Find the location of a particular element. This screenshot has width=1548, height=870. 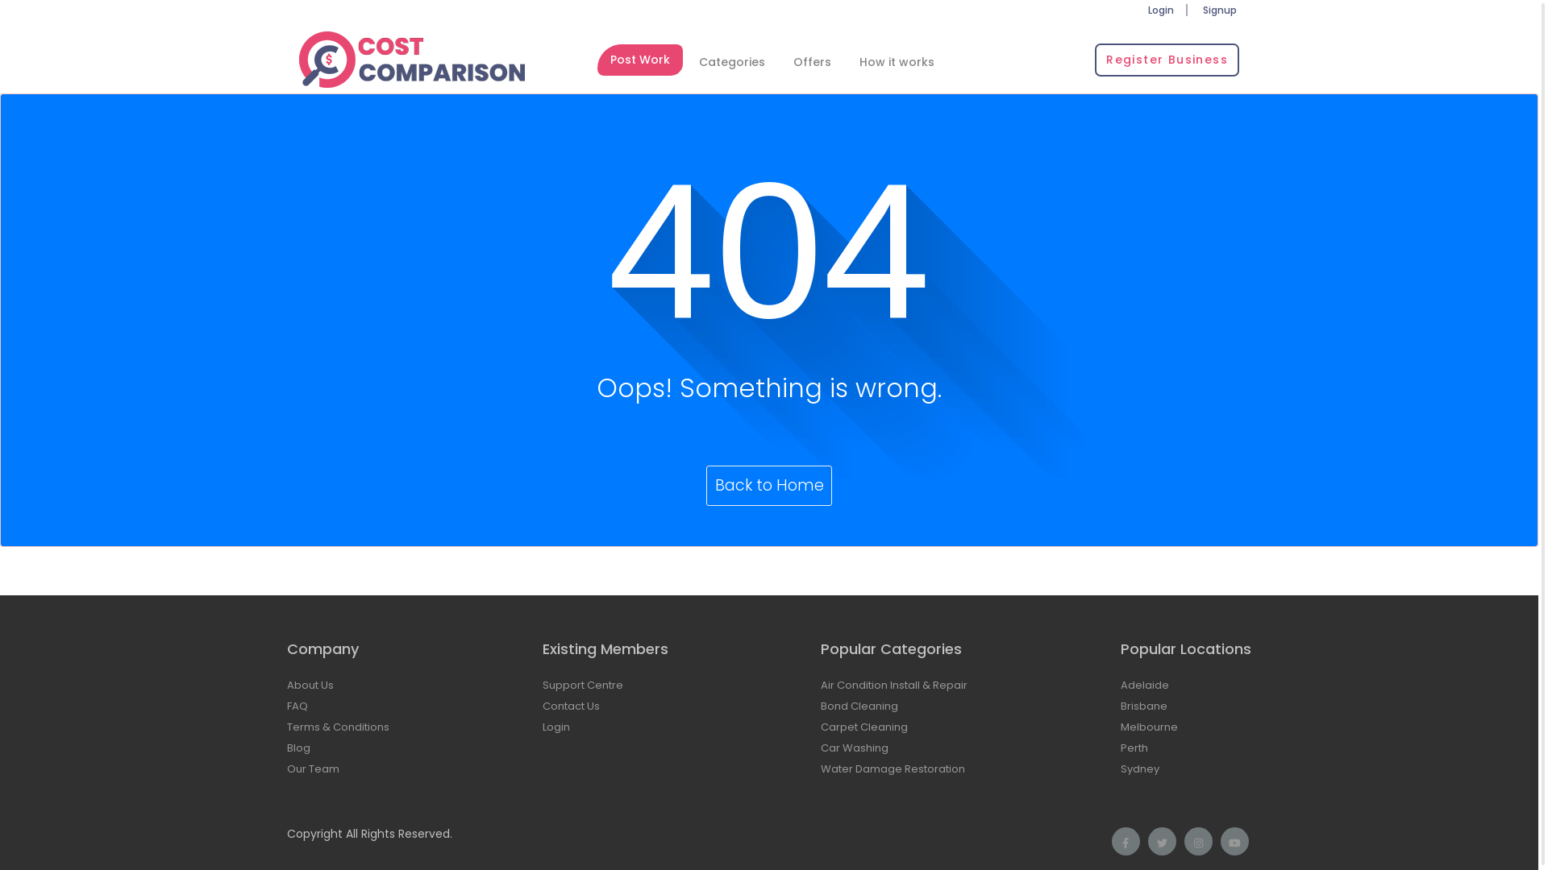

'Brisbane' is located at coordinates (1143, 705).